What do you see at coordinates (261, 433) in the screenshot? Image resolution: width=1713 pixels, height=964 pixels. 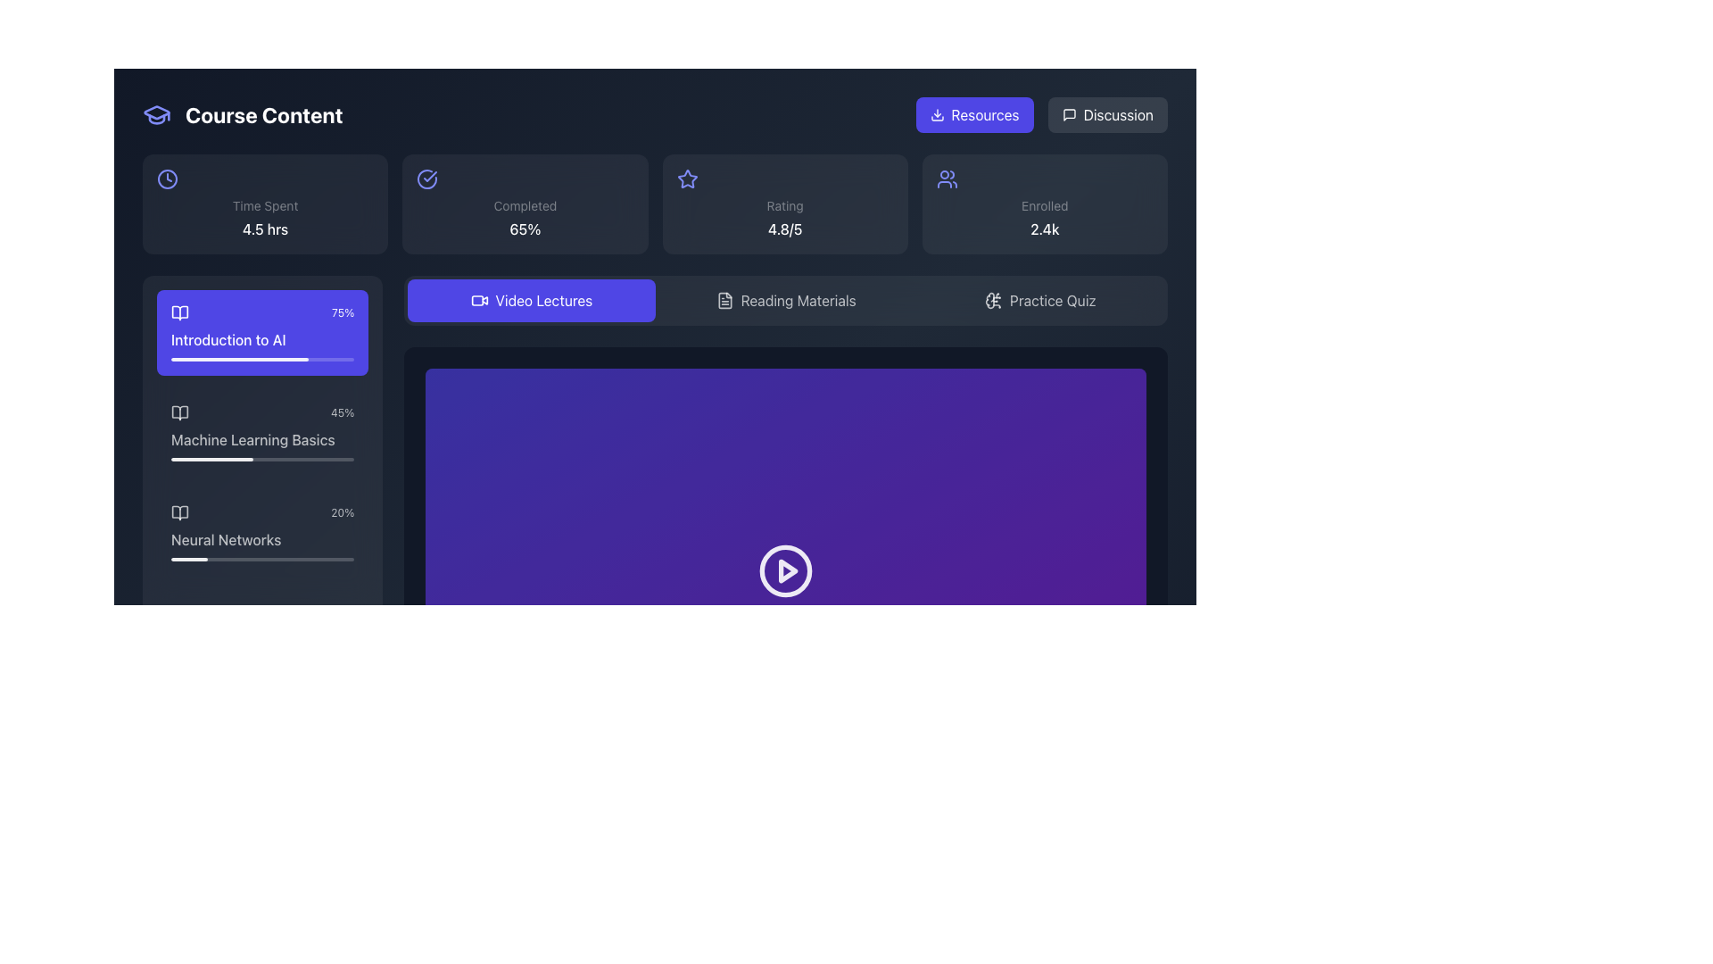 I see `on the 'Machine Learning Basics' interactive card located in the left section of the 'Course Content' panel` at bounding box center [261, 433].